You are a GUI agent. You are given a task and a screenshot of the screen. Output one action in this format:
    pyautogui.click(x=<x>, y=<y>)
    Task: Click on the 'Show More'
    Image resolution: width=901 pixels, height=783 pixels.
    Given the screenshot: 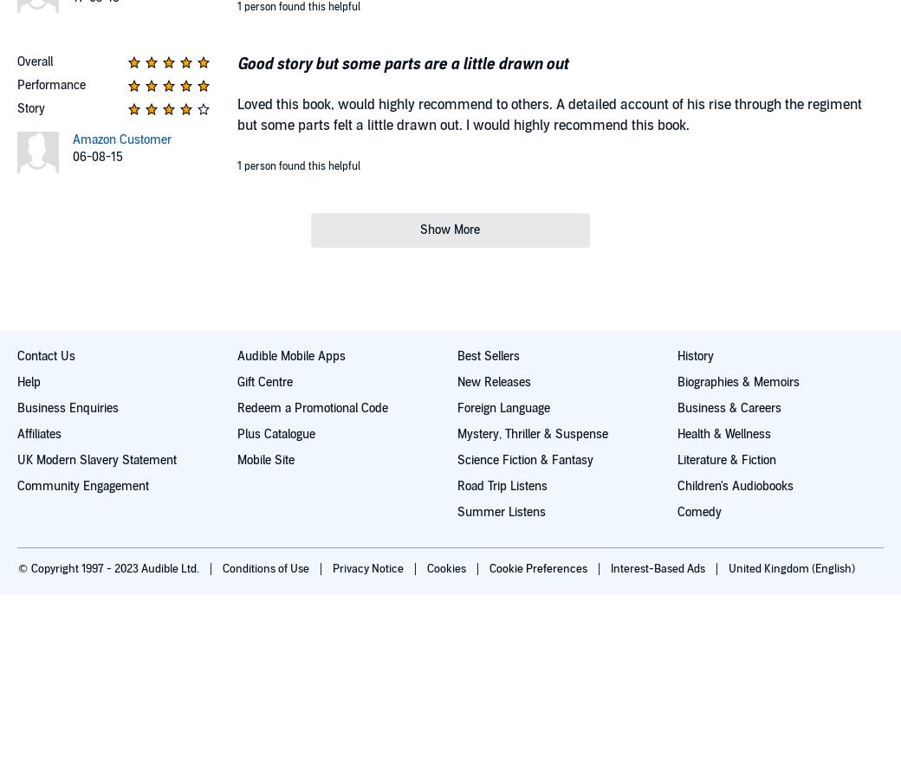 What is the action you would take?
    pyautogui.click(x=450, y=228)
    